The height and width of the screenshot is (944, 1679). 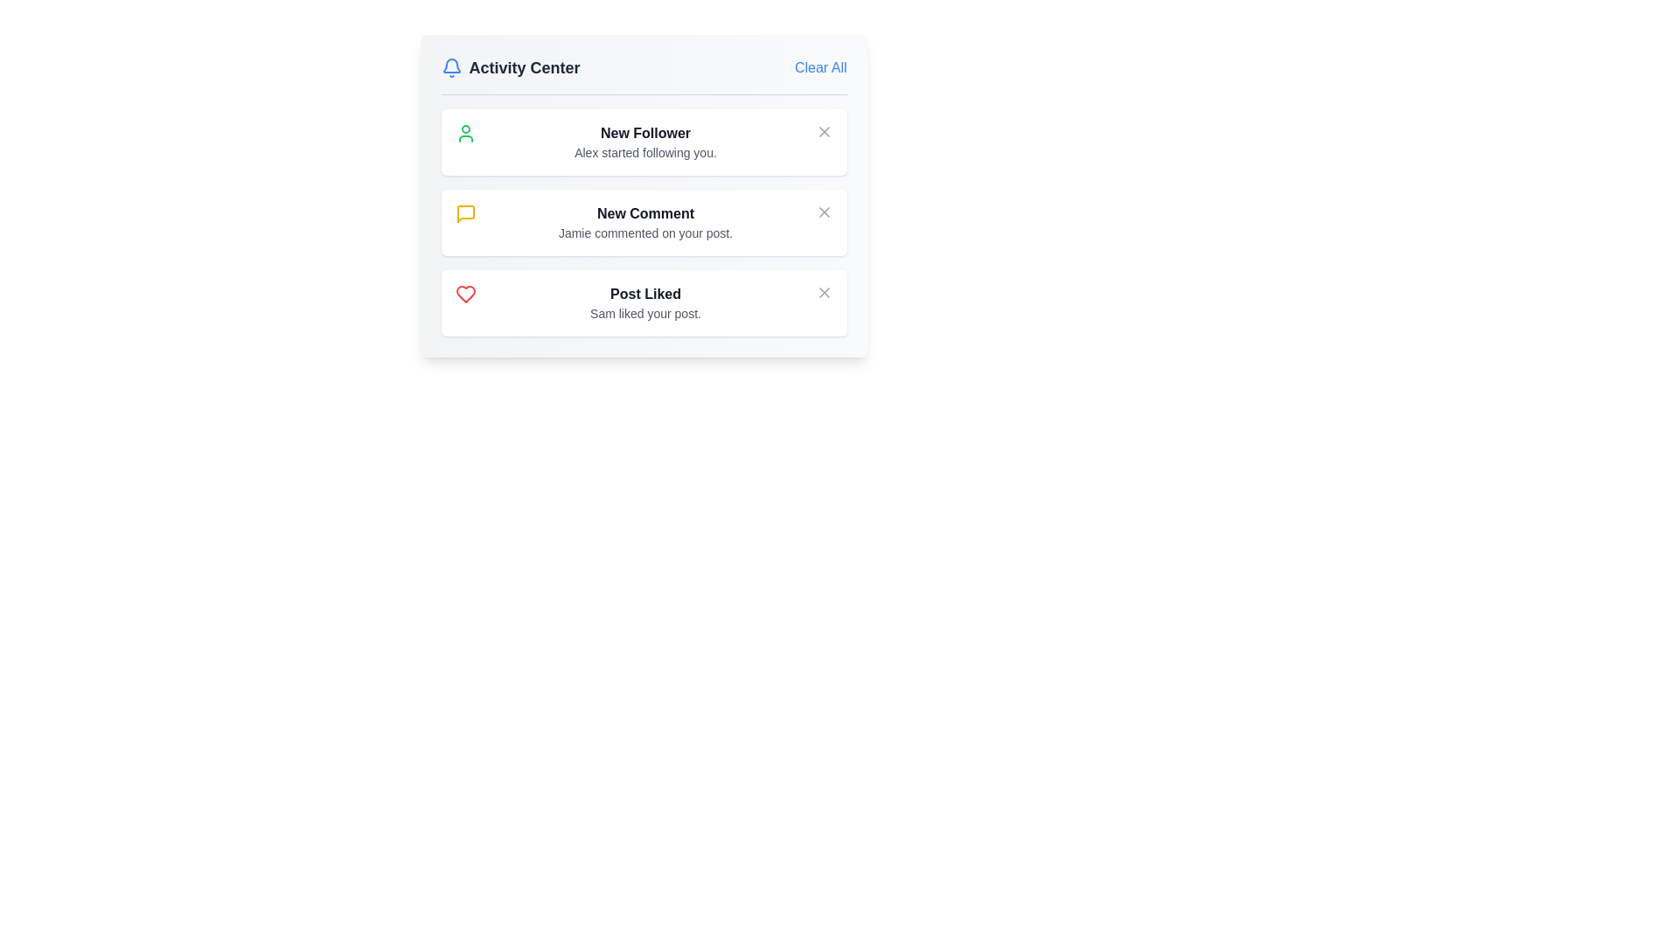 What do you see at coordinates (644, 151) in the screenshot?
I see `text label displaying 'Alex started following you.' located below the bold text 'New Follower' in the notification card` at bounding box center [644, 151].